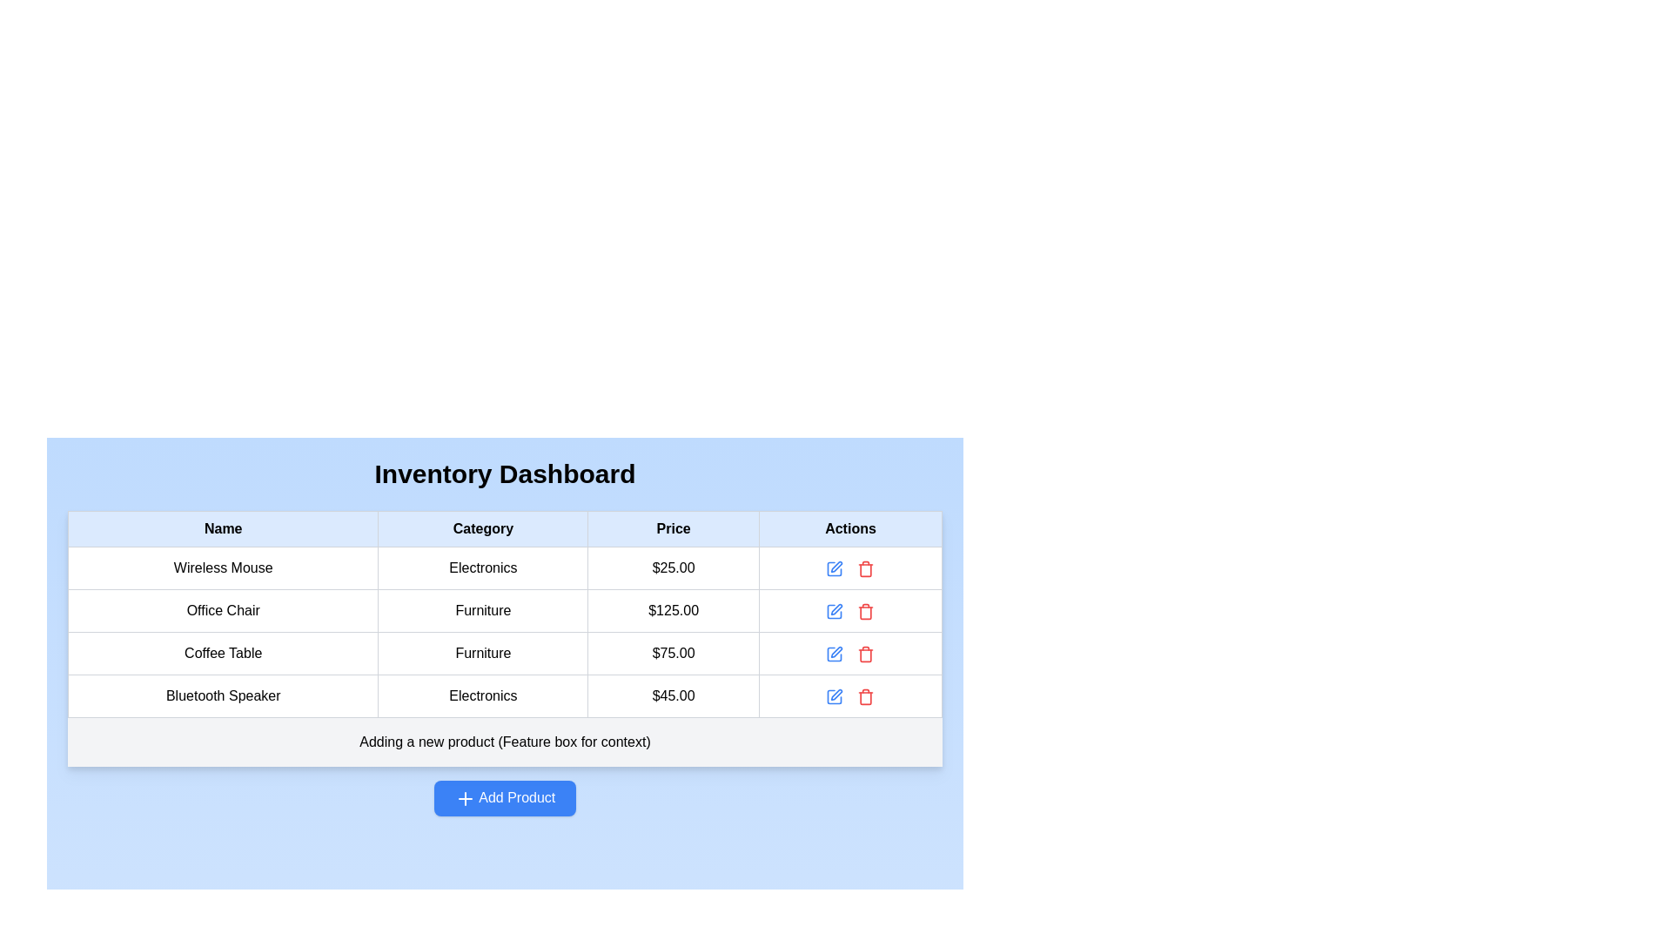 This screenshot has width=1671, height=940. What do you see at coordinates (483, 695) in the screenshot?
I see `the text label displaying 'Electronics' located in the 'Category' column of the last row corresponding to the 'Bluetooth Speaker' item` at bounding box center [483, 695].